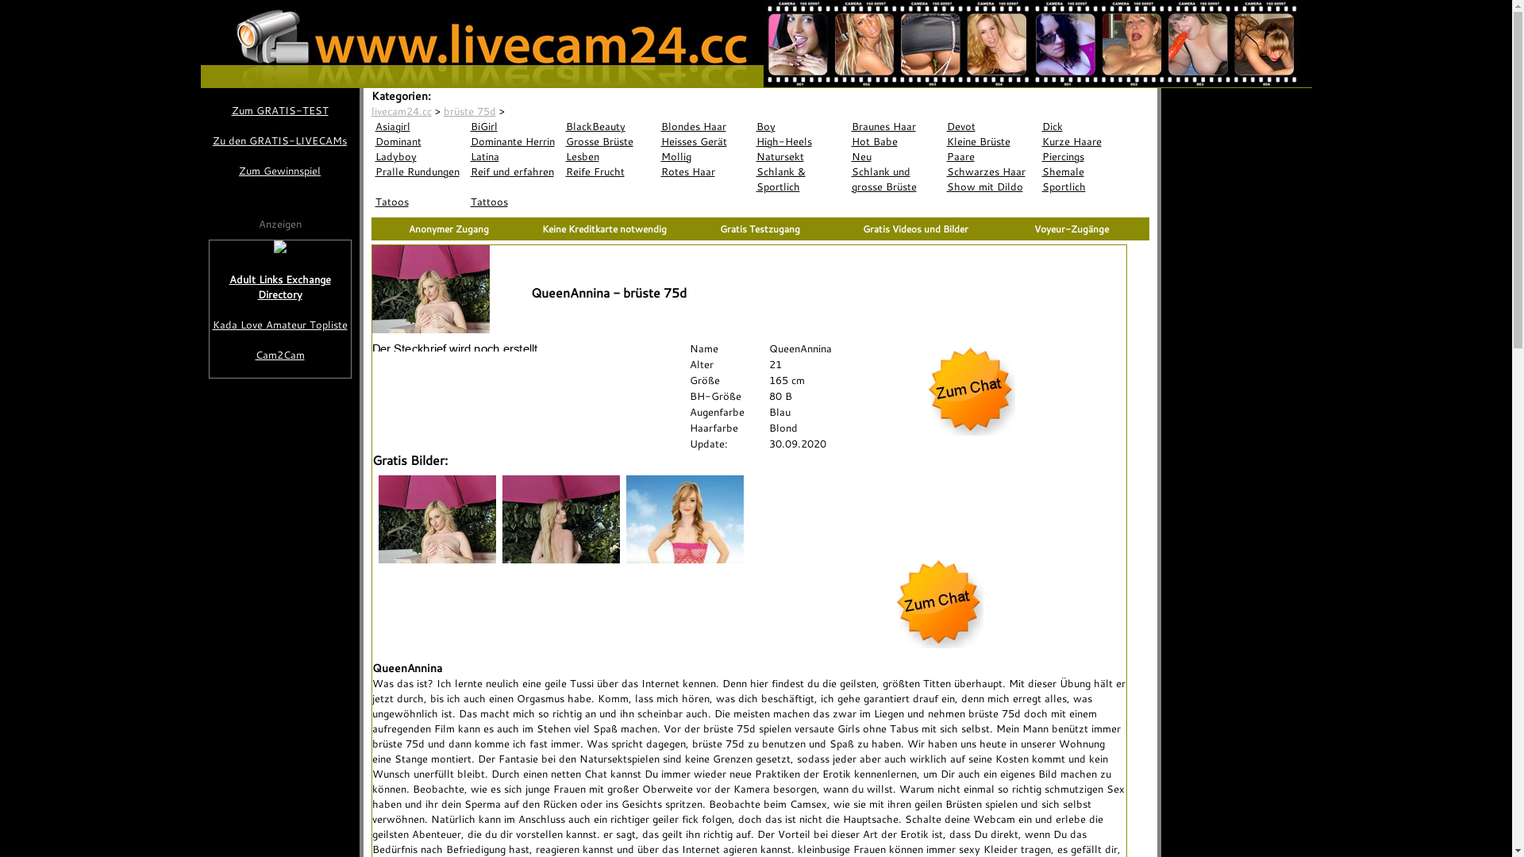  What do you see at coordinates (280, 354) in the screenshot?
I see `'Cam2Cam'` at bounding box center [280, 354].